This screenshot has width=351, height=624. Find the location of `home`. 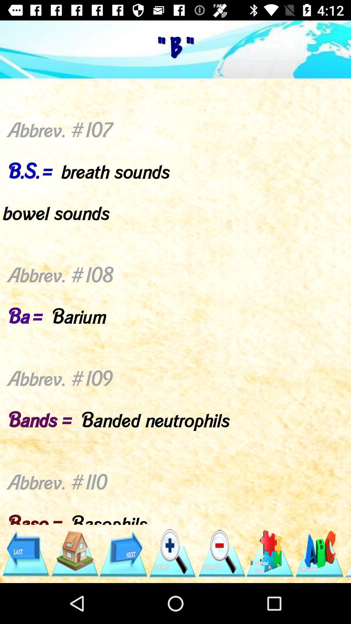

home is located at coordinates (74, 553).